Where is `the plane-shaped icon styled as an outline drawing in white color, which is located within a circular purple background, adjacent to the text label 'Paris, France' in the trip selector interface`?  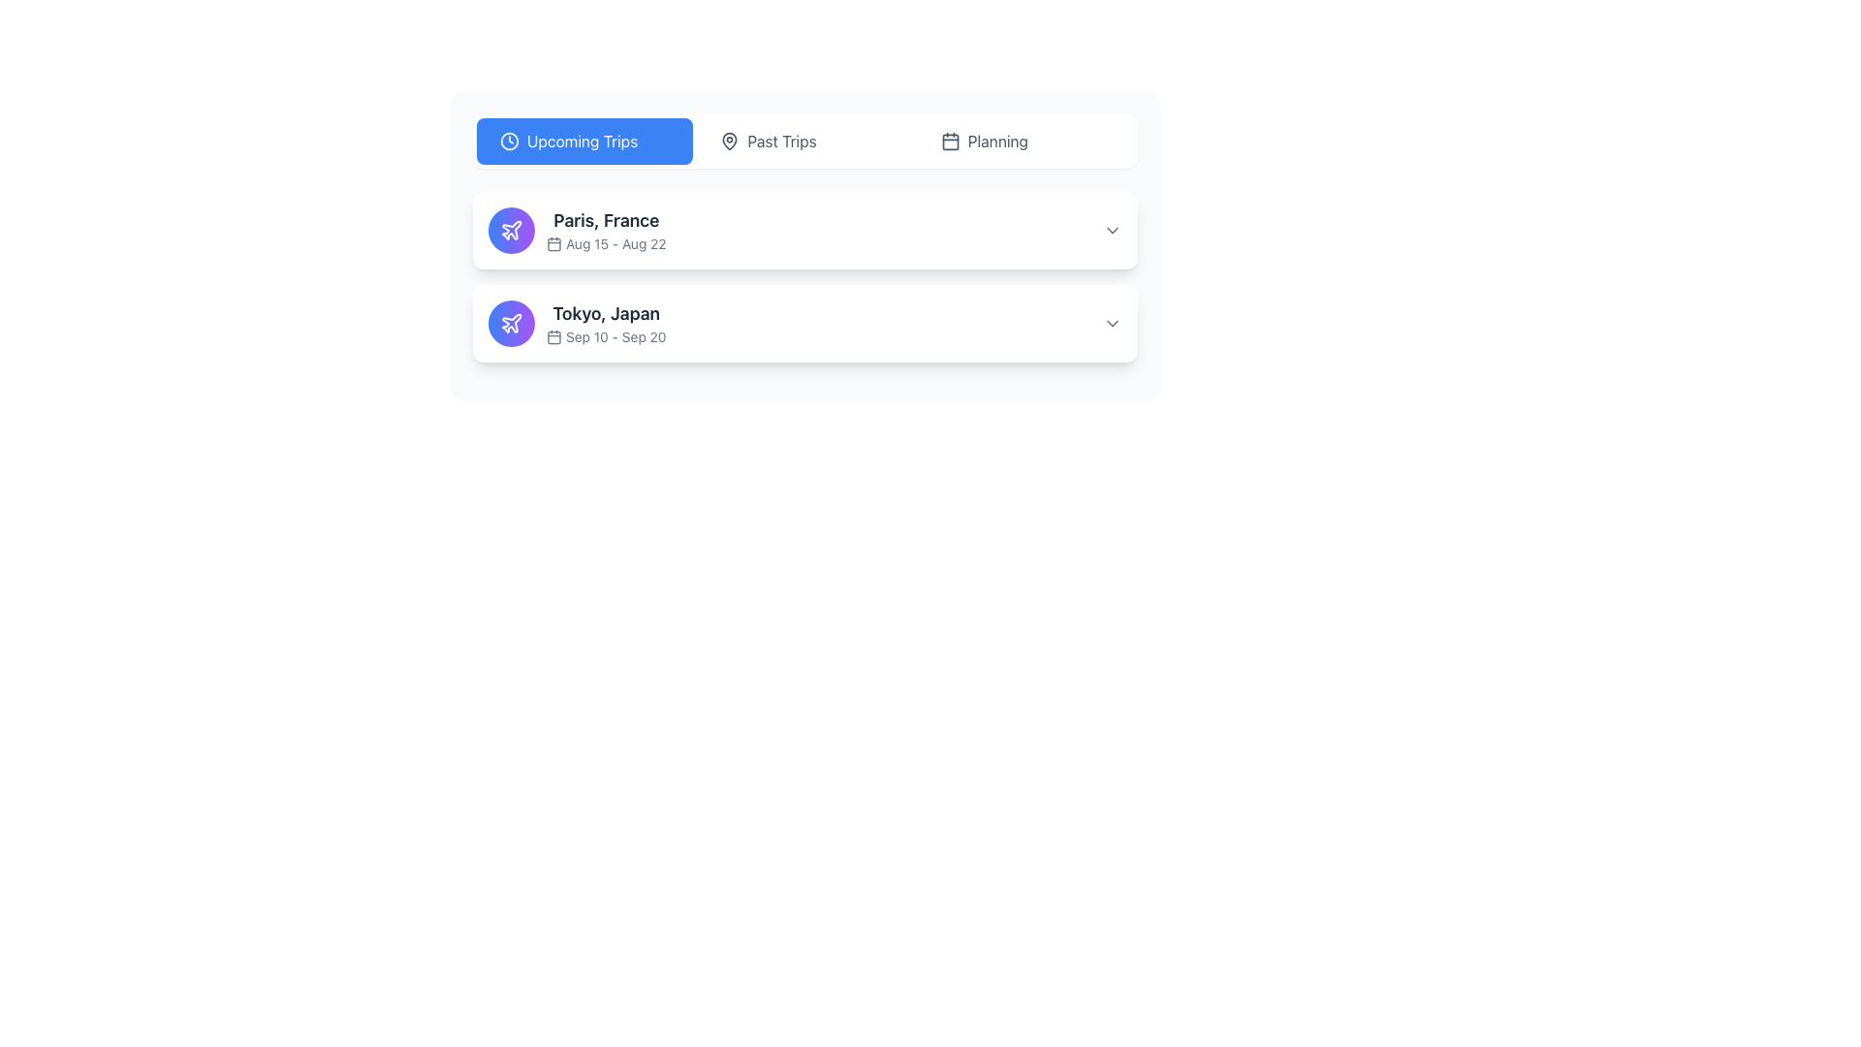
the plane-shaped icon styled as an outline drawing in white color, which is located within a circular purple background, adjacent to the text label 'Paris, France' in the trip selector interface is located at coordinates (512, 322).